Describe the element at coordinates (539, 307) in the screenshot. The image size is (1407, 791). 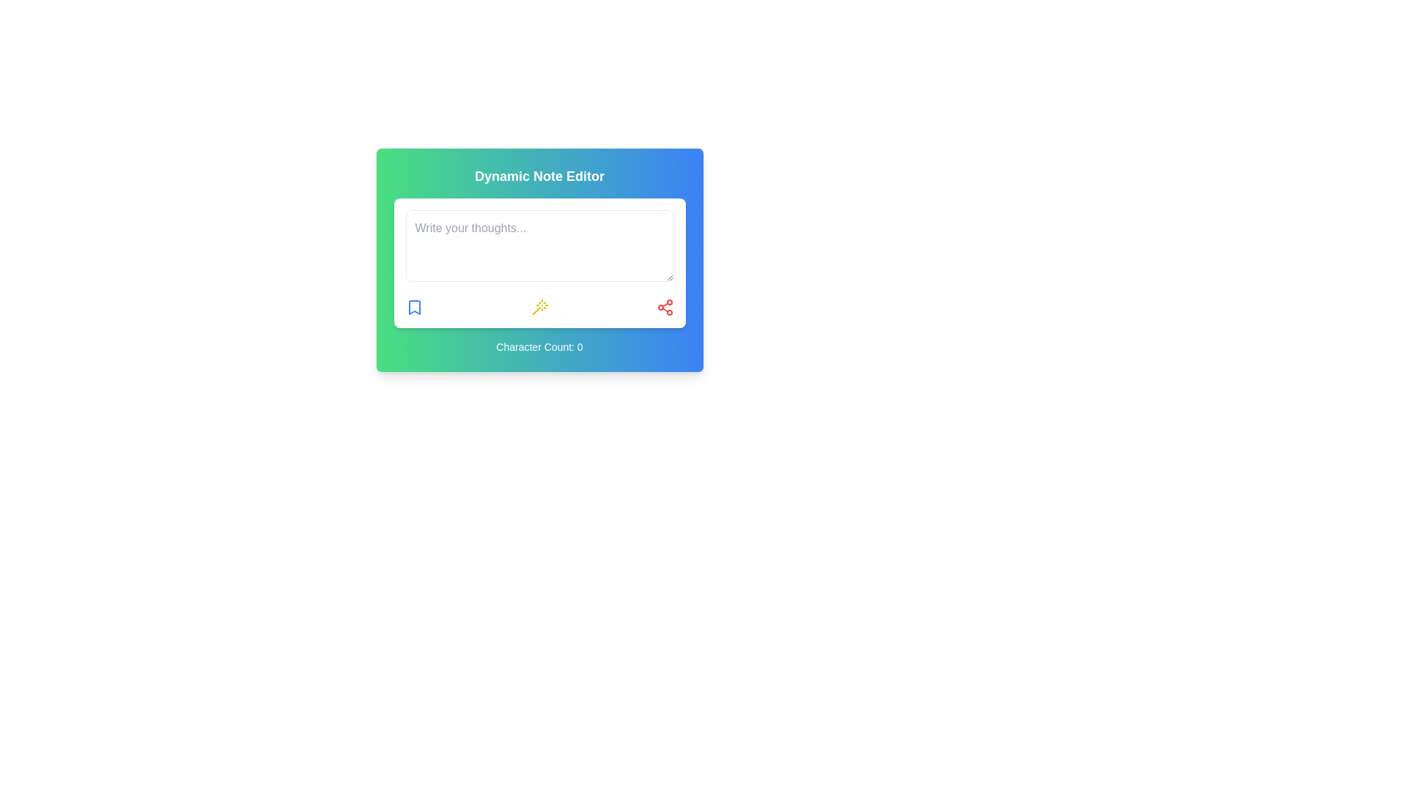
I see `the interactive icon featuring a magic wand symbol located between a blue bookmark icon and a red share icon in the note editor` at that location.